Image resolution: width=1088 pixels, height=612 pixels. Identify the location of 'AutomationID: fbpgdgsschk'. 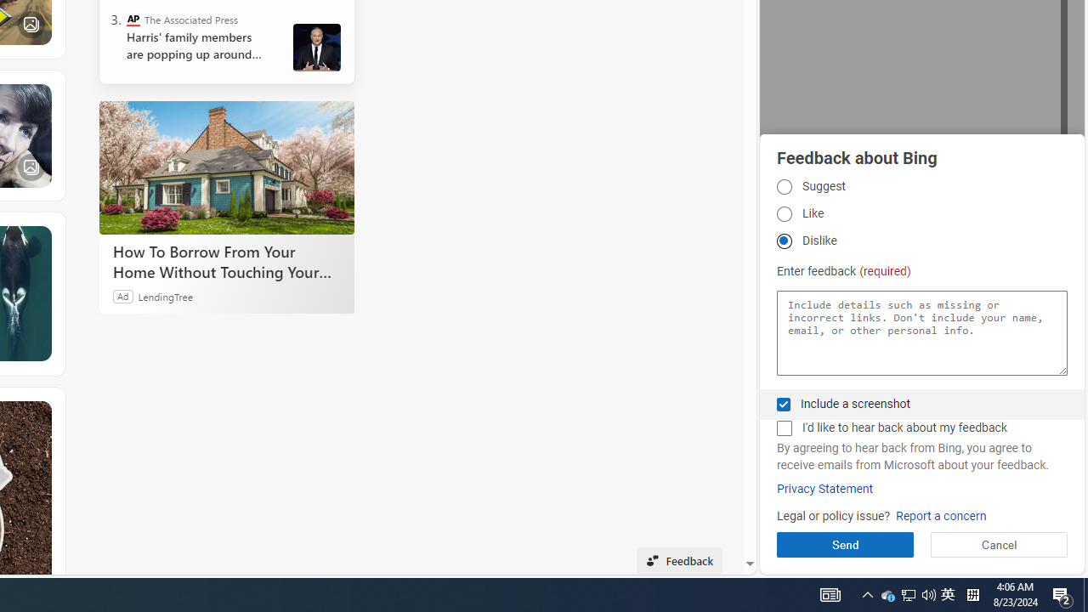
(783, 404).